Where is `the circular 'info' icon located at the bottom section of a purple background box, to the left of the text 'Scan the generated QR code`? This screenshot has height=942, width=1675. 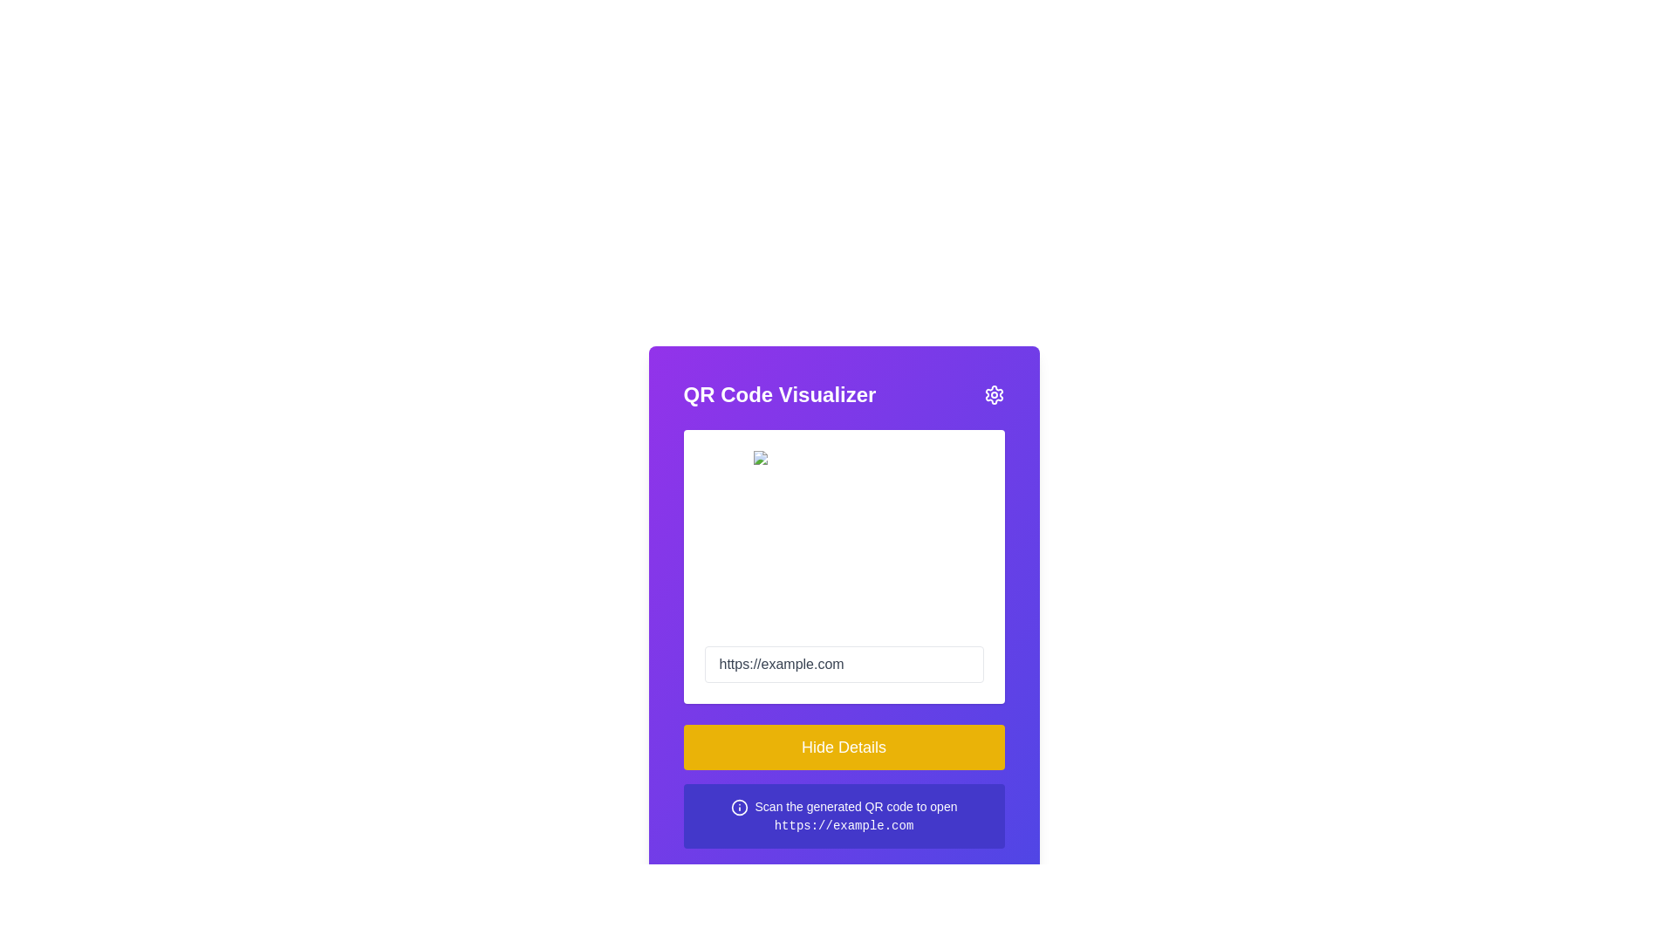
the circular 'info' icon located at the bottom section of a purple background box, to the left of the text 'Scan the generated QR code is located at coordinates (739, 808).